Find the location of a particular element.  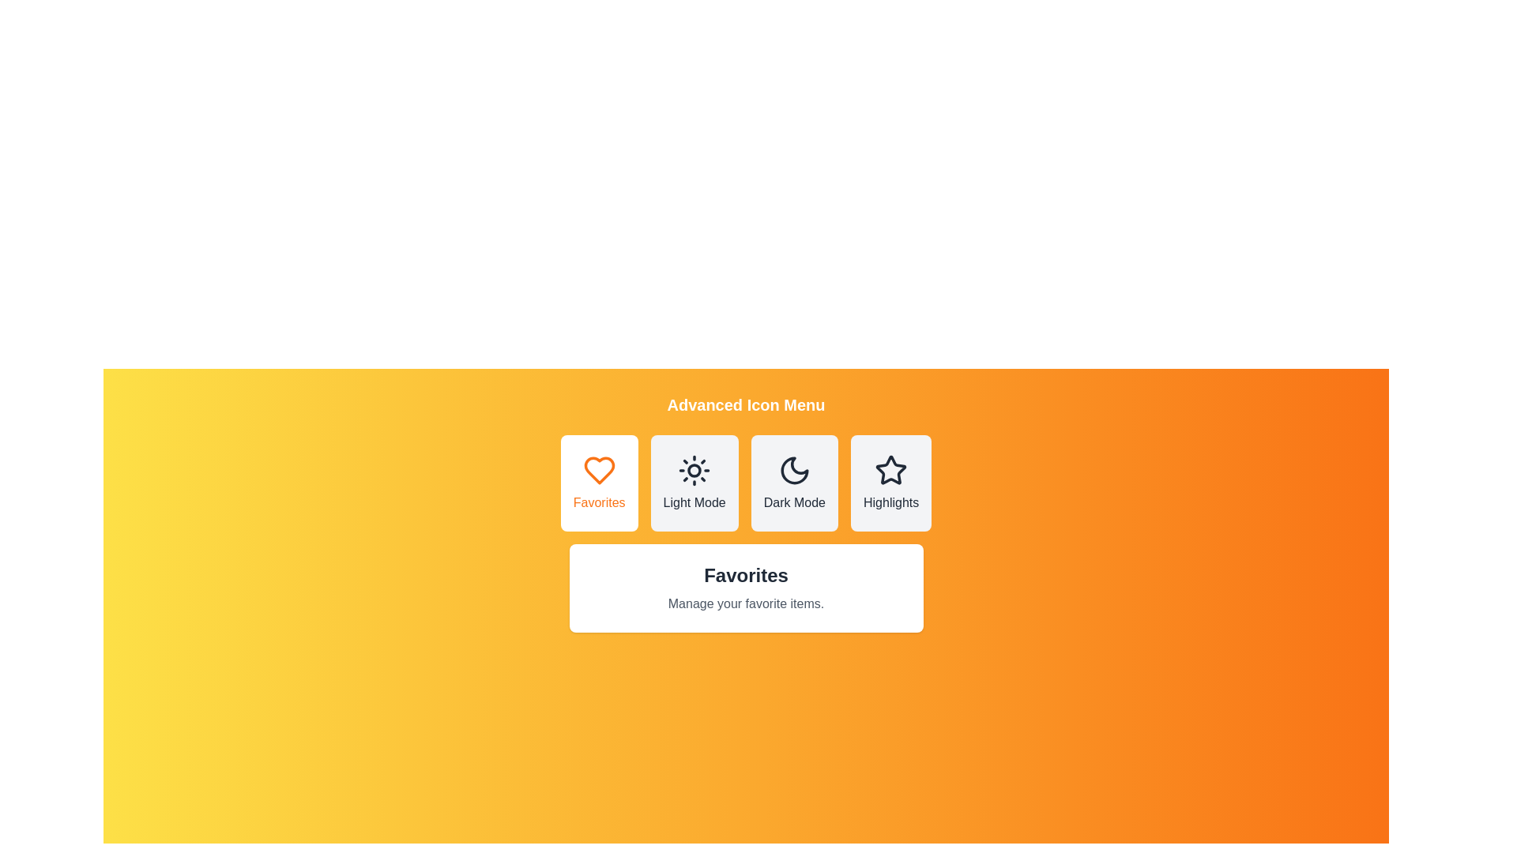

the crescent moon icon representing the 'Dark Mode' option in the menu by moving the cursor to its center point is located at coordinates (794, 470).